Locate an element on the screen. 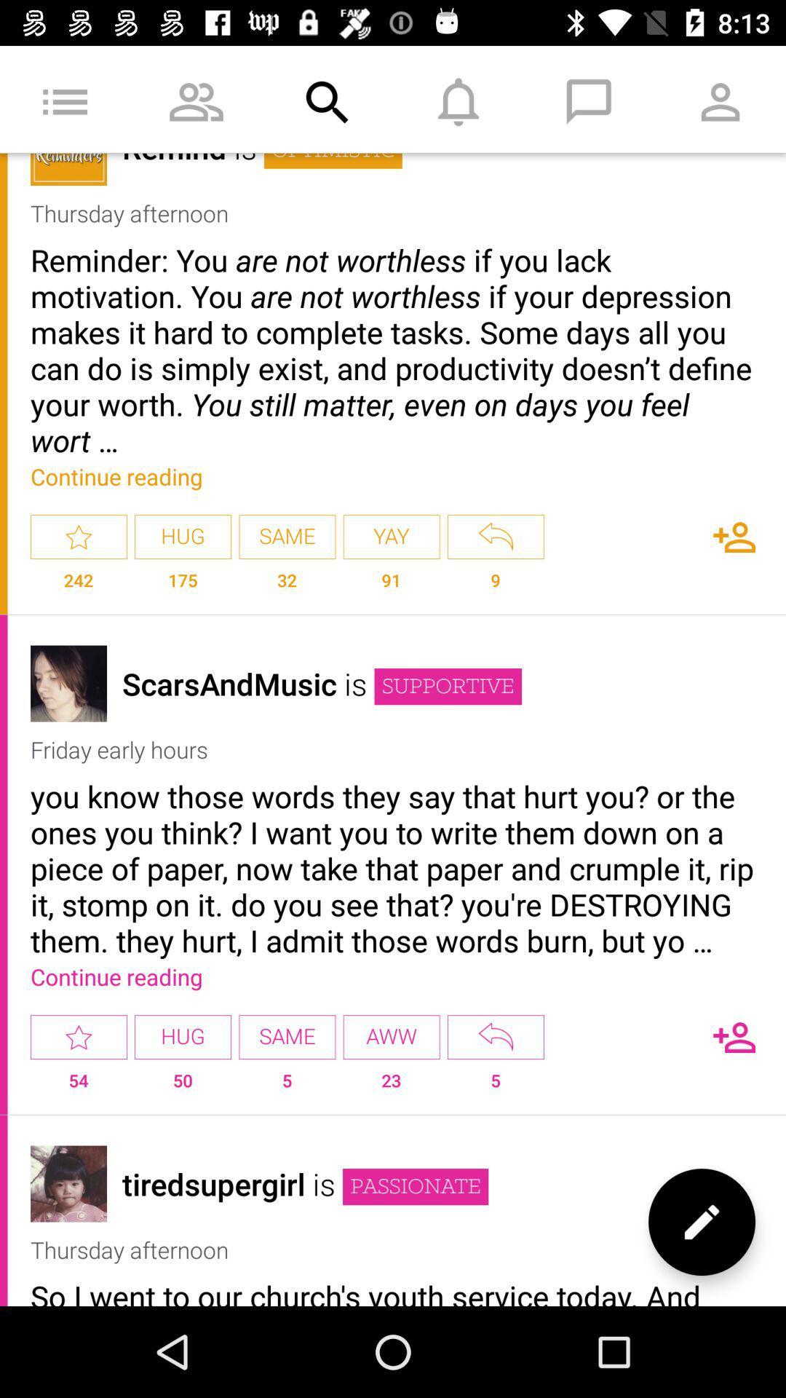 Image resolution: width=786 pixels, height=1398 pixels. to favorites is located at coordinates (79, 536).